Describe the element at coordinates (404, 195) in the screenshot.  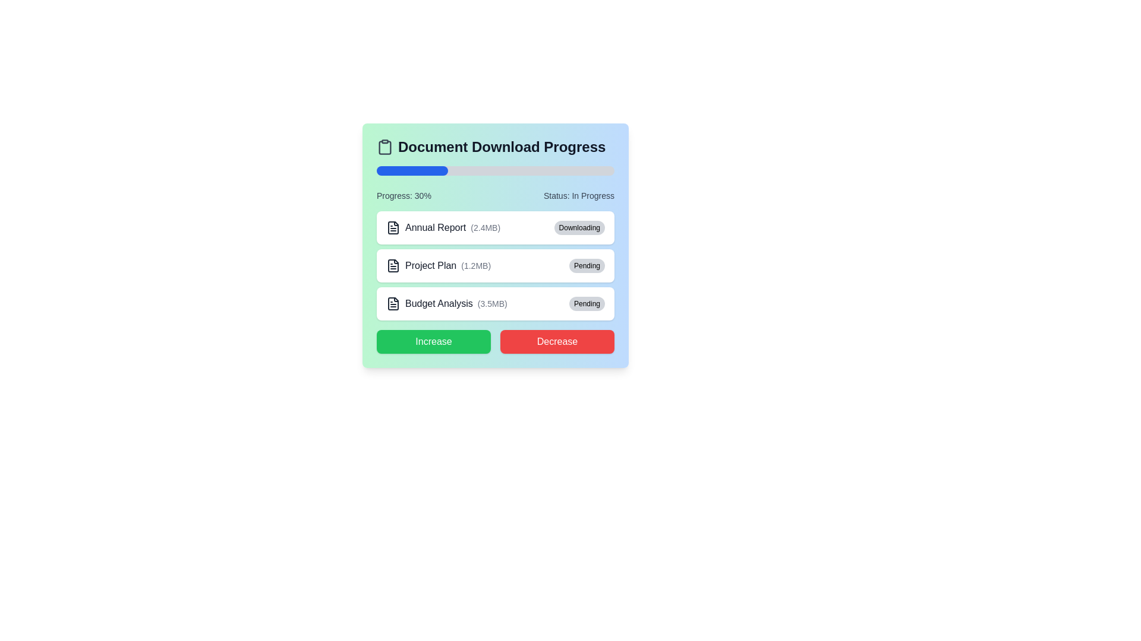
I see `the static text label displaying 'Progress: 30%' which is located below the progress bar and above a list of items` at that location.